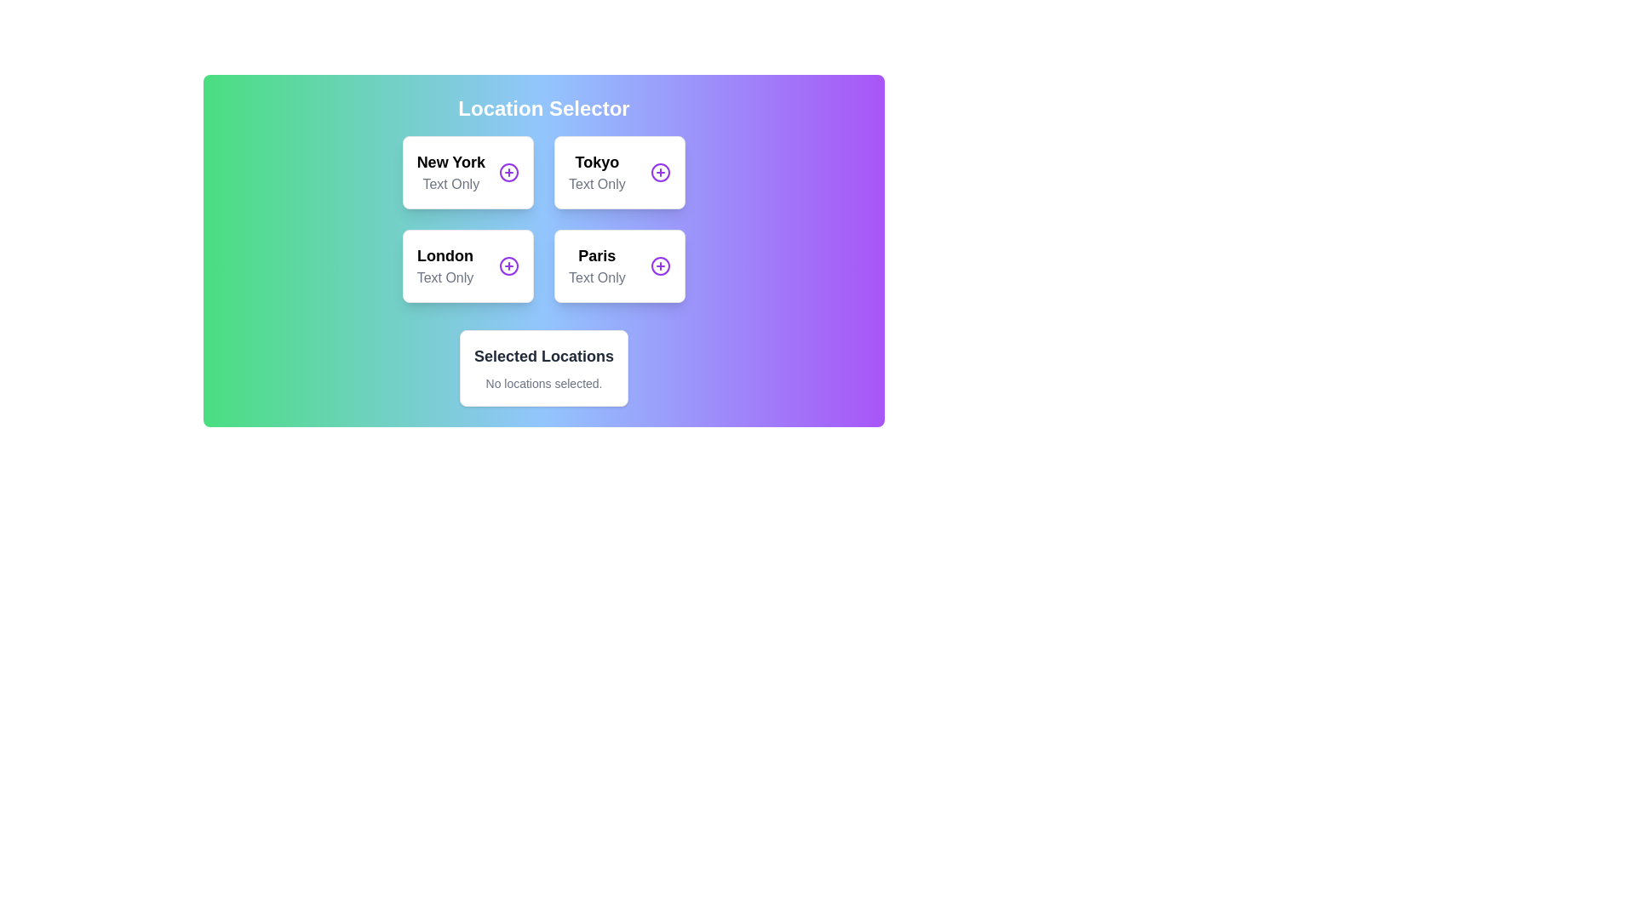 The image size is (1635, 919). I want to click on the descriptive text label located in the top-right grid cell below the 'Tokyo' text within the card layout, so click(597, 184).